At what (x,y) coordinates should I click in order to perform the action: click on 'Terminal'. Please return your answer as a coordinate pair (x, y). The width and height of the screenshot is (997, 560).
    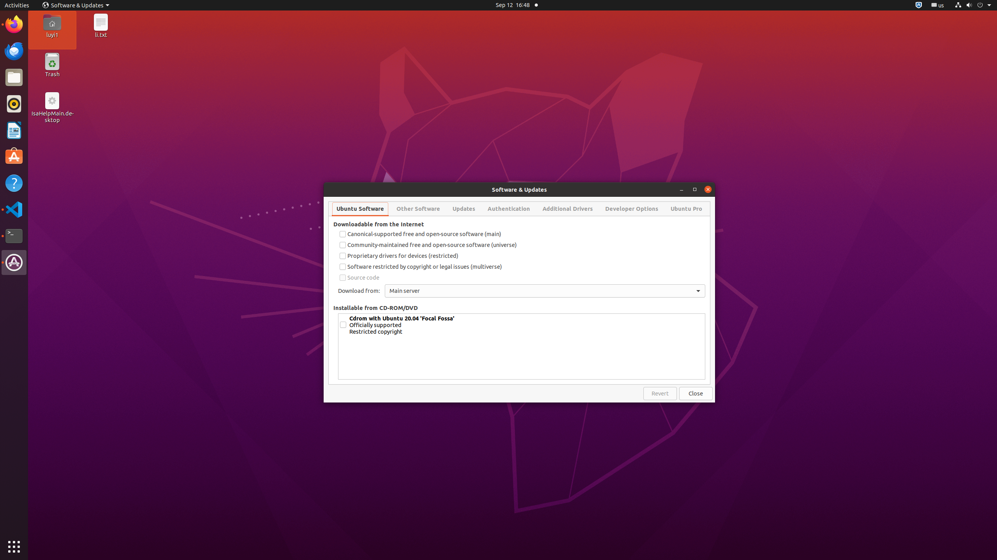
    Looking at the image, I should click on (14, 235).